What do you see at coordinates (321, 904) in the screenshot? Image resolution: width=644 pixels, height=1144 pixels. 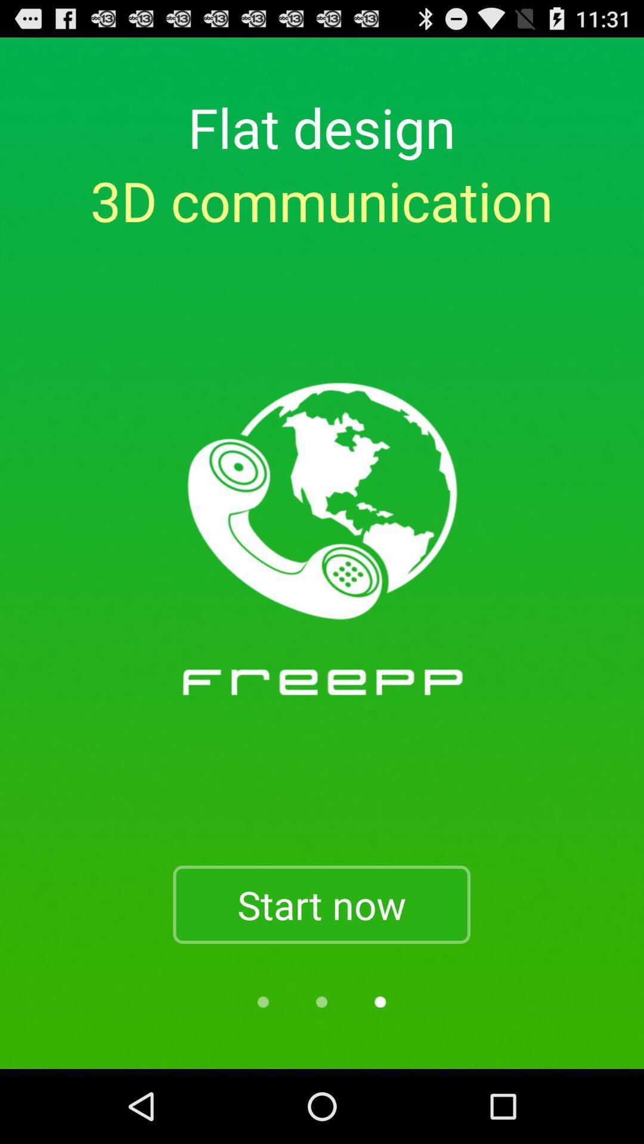 I see `start now` at bounding box center [321, 904].